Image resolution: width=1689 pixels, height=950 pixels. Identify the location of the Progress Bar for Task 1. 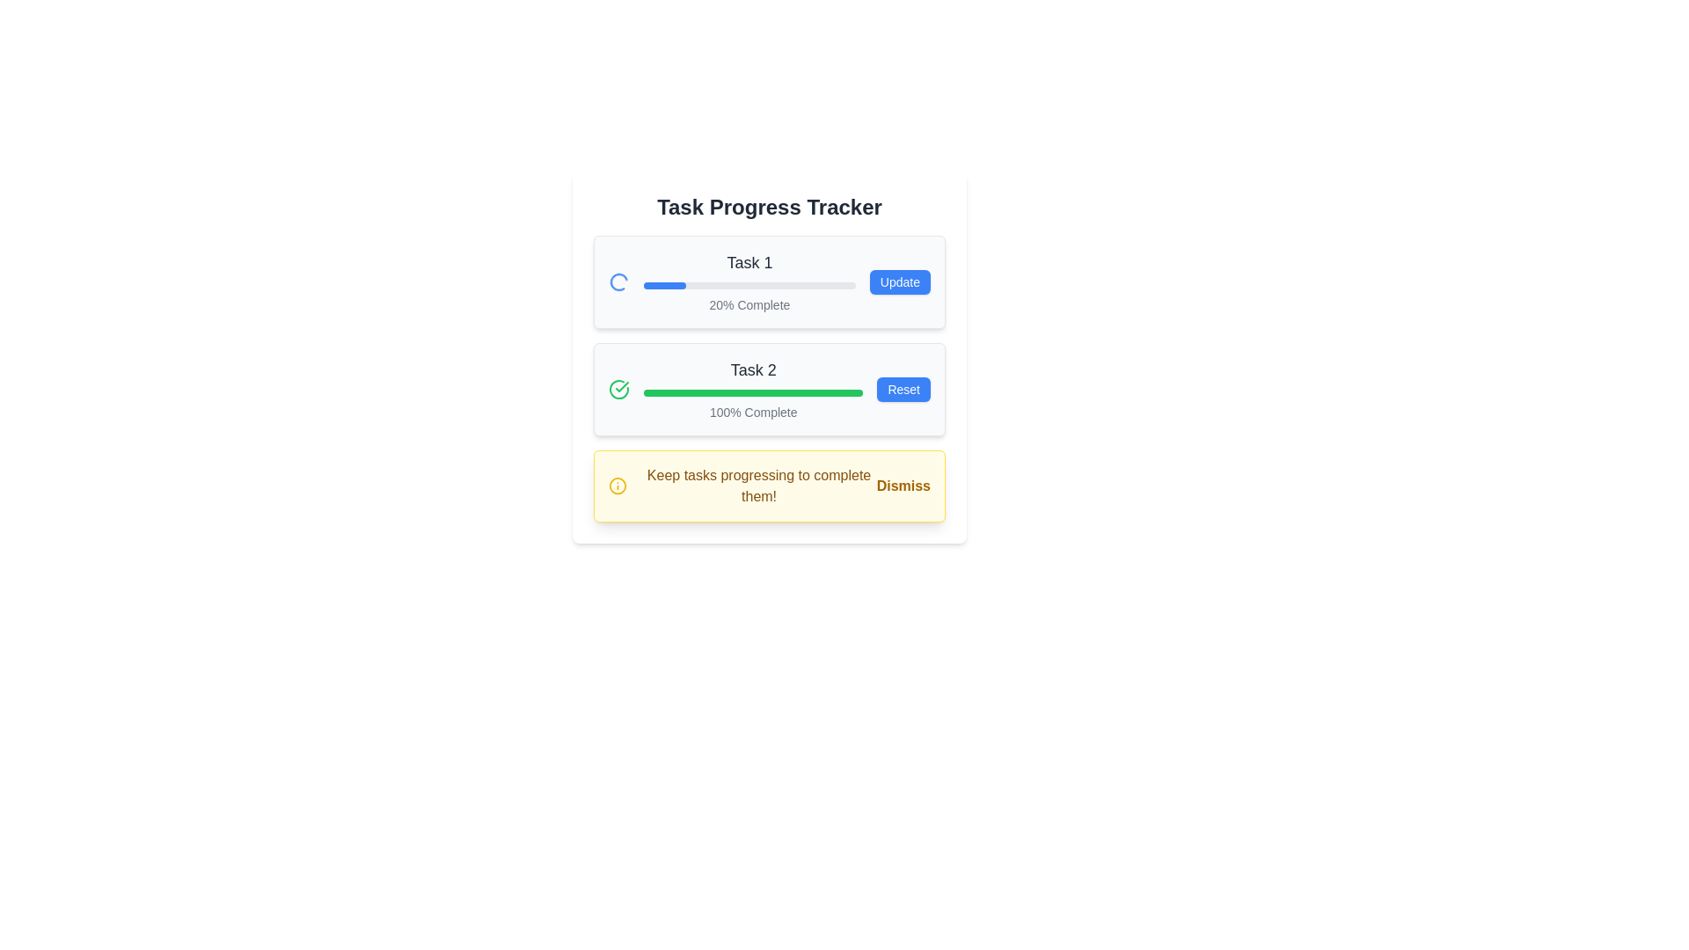
(749, 281).